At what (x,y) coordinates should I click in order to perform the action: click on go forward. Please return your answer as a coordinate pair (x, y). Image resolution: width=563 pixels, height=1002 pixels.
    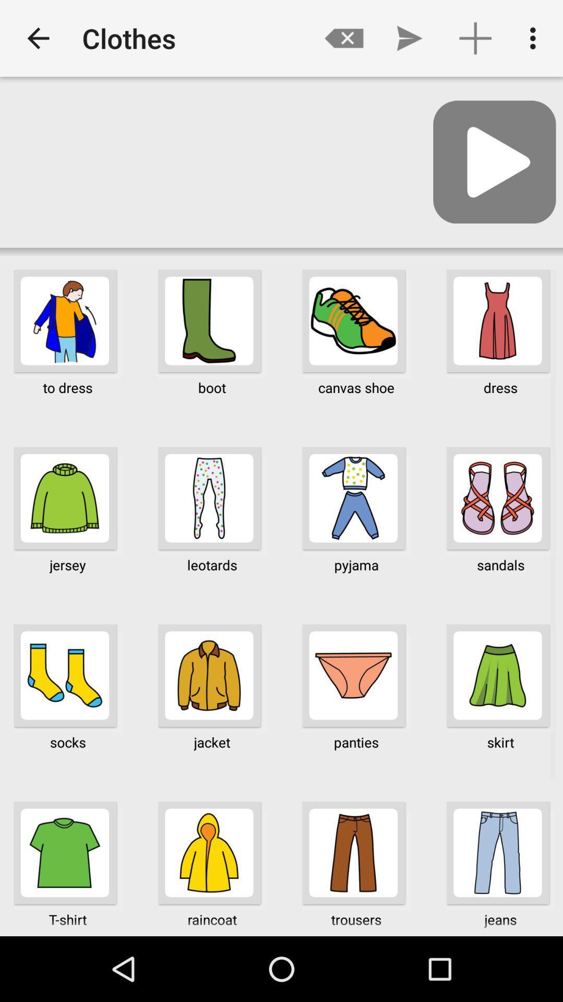
    Looking at the image, I should click on (494, 161).